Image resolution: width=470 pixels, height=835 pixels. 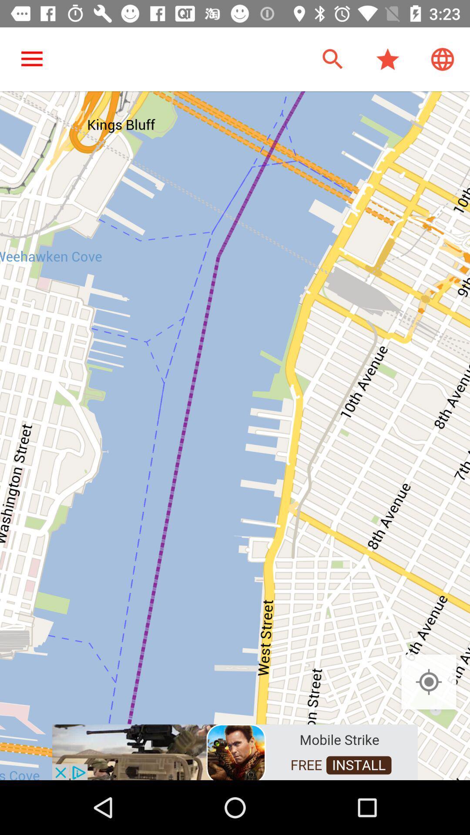 What do you see at coordinates (31, 59) in the screenshot?
I see `the item at the top left corner` at bounding box center [31, 59].